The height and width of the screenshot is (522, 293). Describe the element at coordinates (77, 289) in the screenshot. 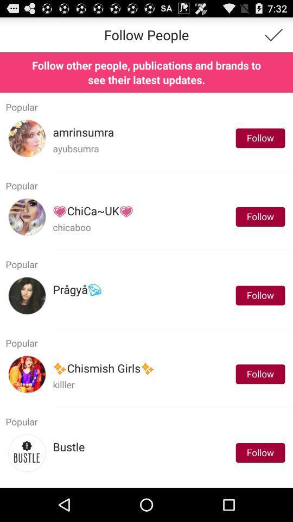

I see `the item to the left of the follow` at that location.